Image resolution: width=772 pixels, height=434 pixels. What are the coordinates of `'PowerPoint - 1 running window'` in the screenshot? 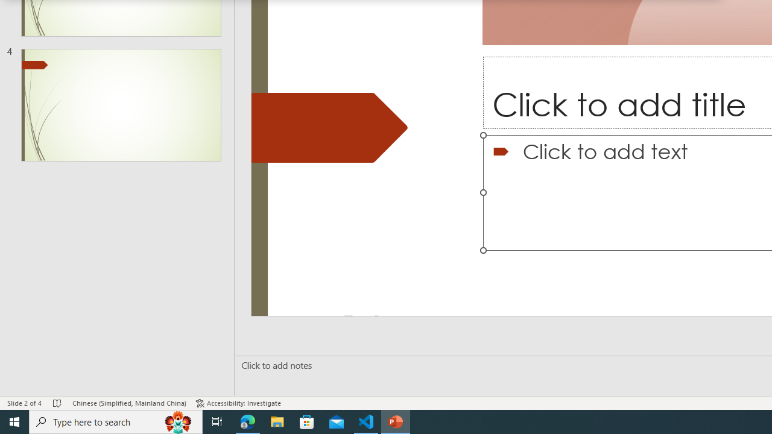 It's located at (396, 421).